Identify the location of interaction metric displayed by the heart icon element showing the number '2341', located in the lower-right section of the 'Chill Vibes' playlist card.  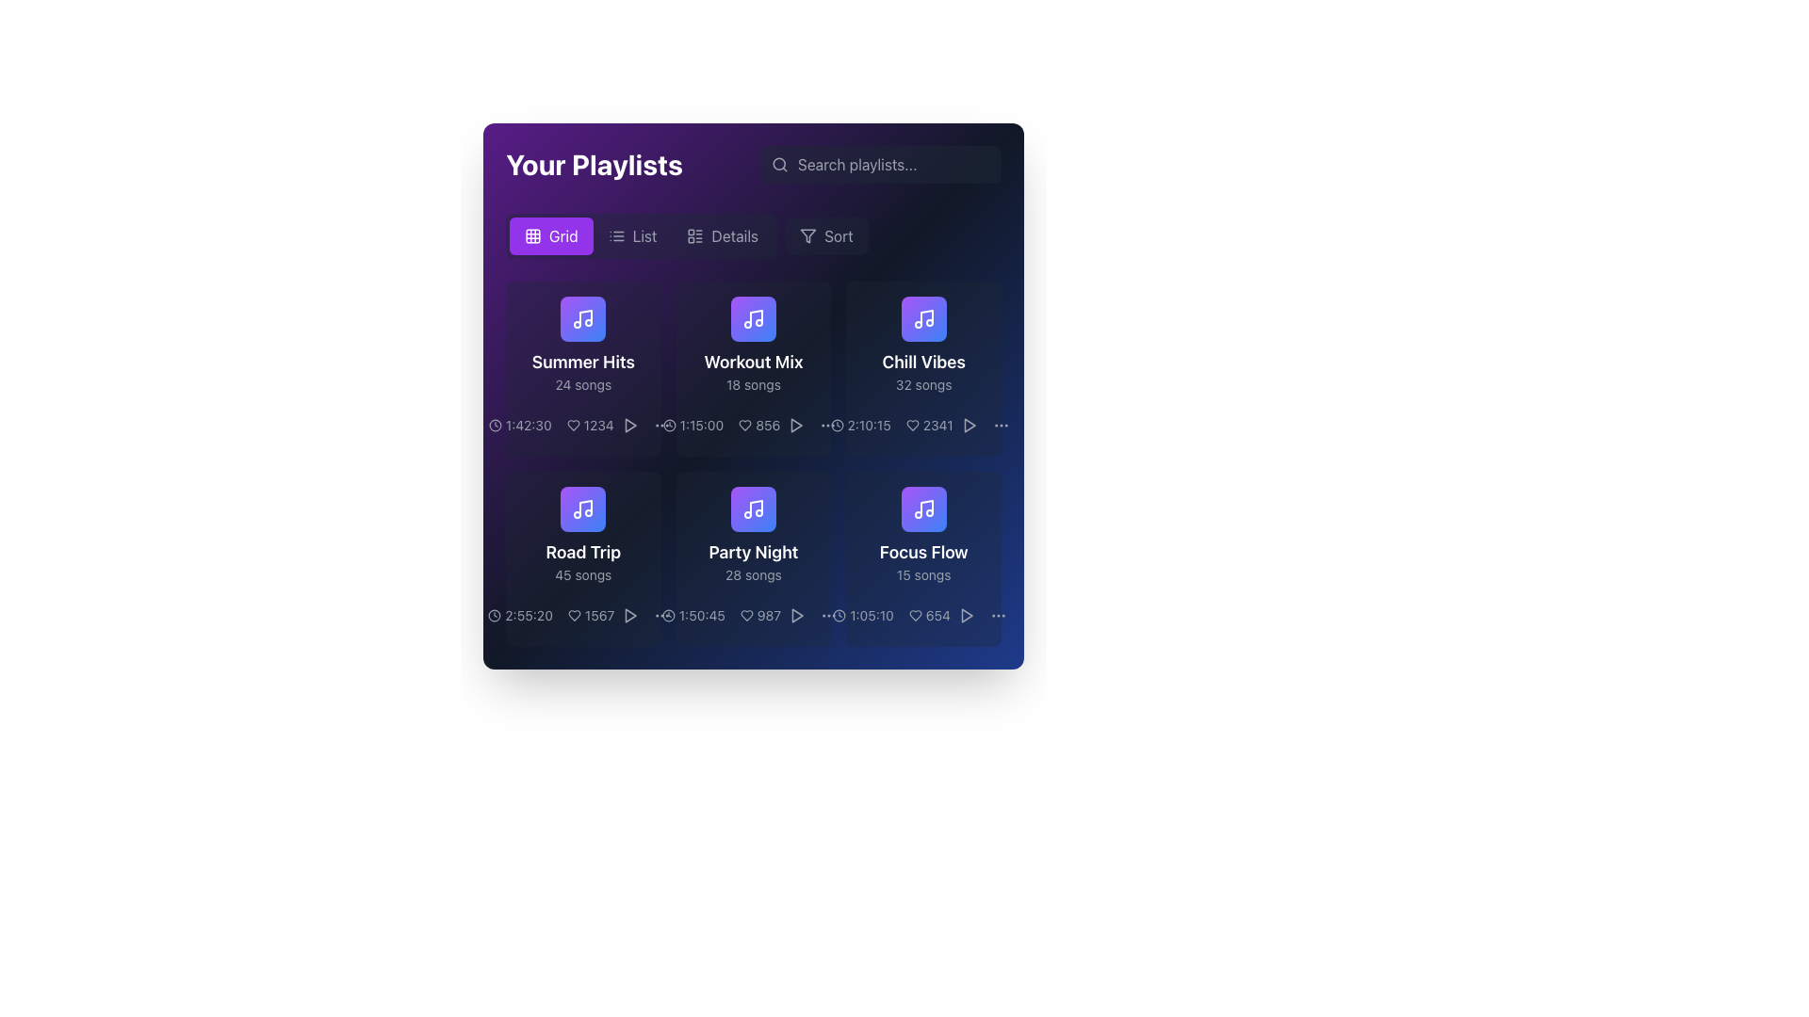
(929, 425).